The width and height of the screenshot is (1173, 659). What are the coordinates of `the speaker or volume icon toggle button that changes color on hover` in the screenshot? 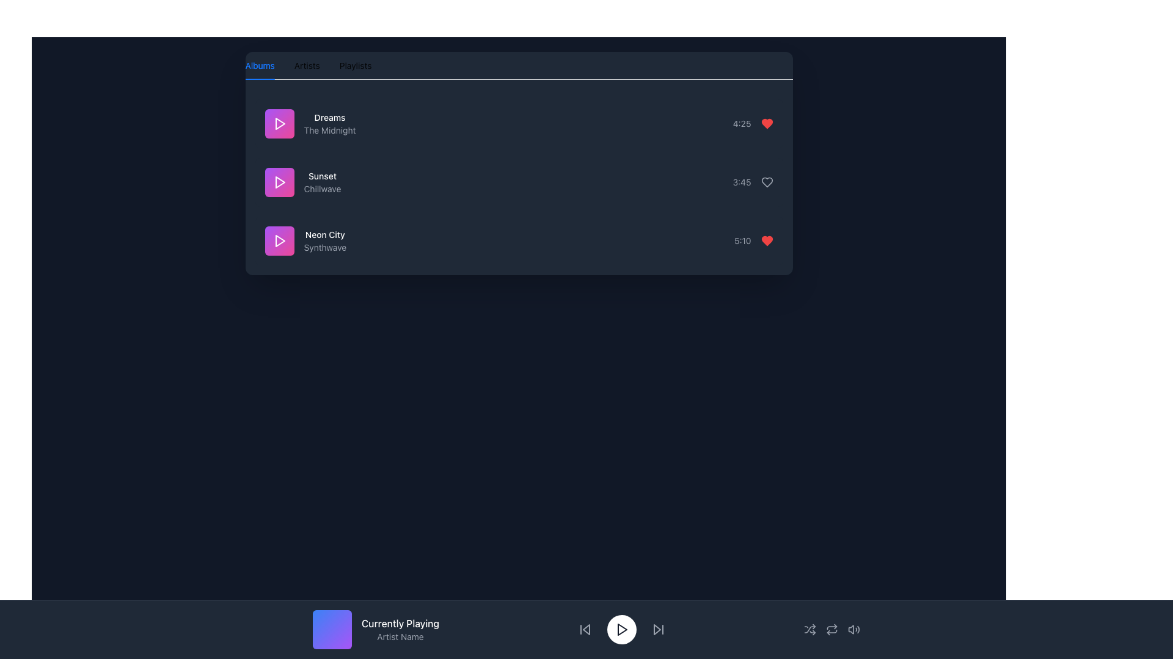 It's located at (853, 630).